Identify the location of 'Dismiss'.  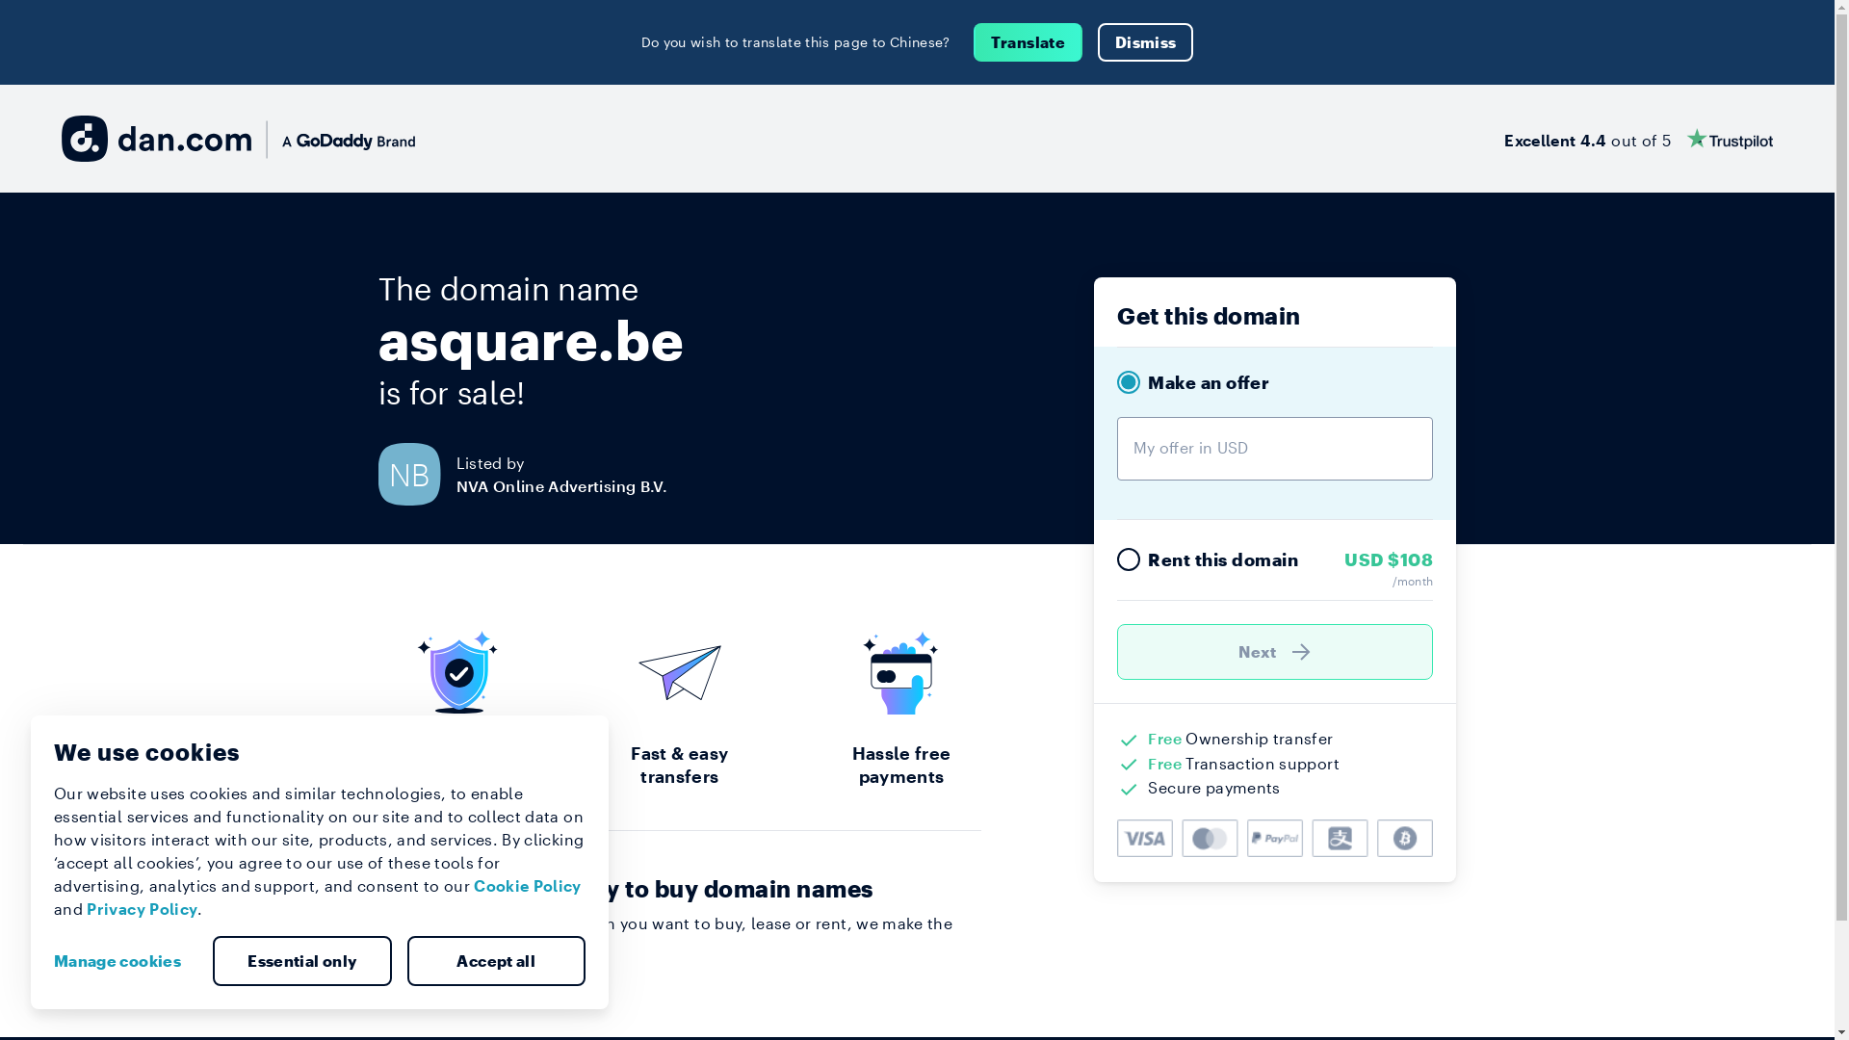
(1145, 41).